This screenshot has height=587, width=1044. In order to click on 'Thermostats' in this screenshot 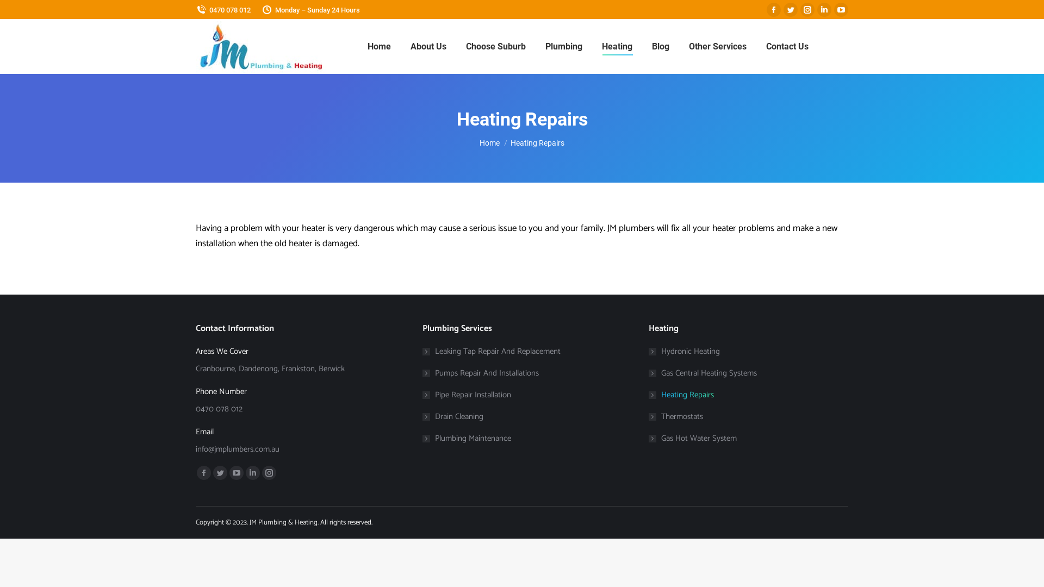, I will do `click(675, 416)`.